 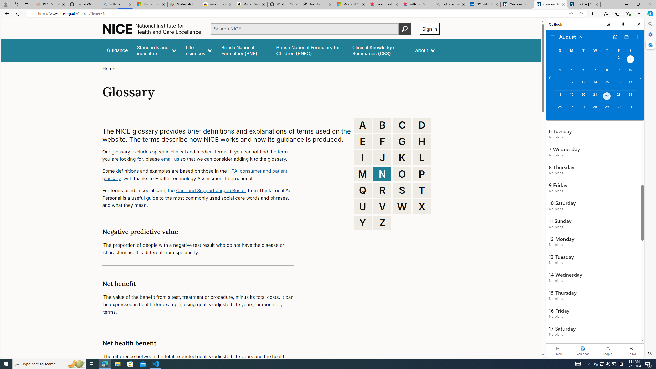 What do you see at coordinates (607, 60) in the screenshot?
I see `'Thursday, August 1, 2024. '` at bounding box center [607, 60].